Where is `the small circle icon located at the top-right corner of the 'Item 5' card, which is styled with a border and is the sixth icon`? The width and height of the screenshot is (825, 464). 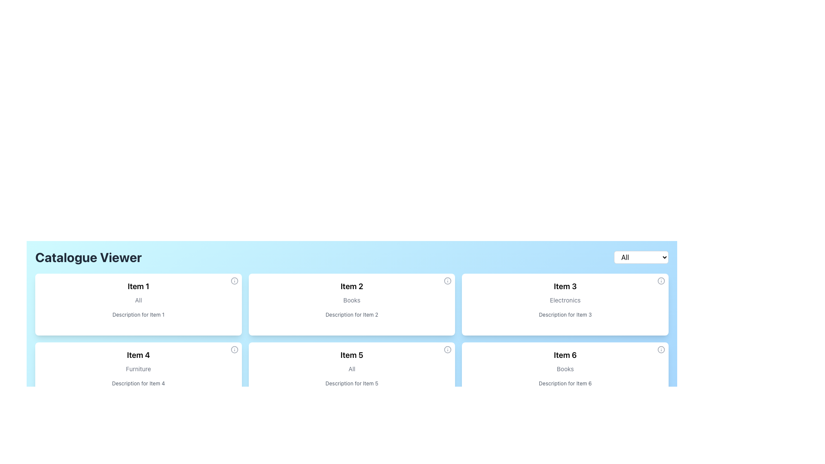 the small circle icon located at the top-right corner of the 'Item 5' card, which is styled with a border and is the sixth icon is located at coordinates (447, 349).